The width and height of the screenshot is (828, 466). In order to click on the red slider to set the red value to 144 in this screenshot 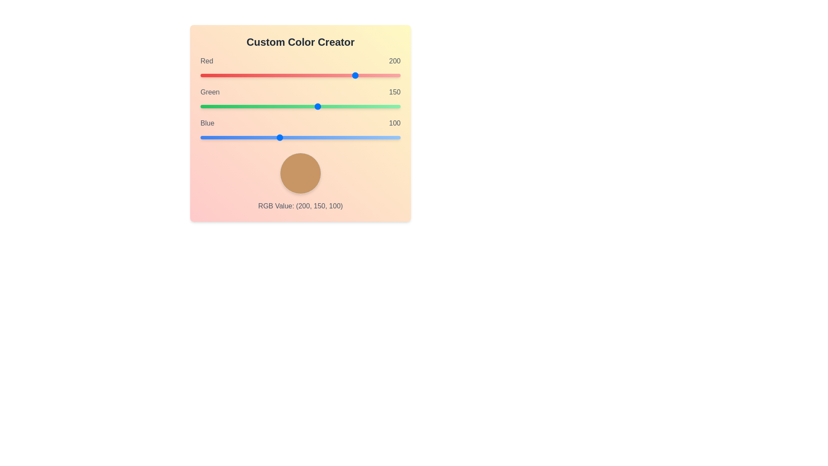, I will do `click(313, 75)`.